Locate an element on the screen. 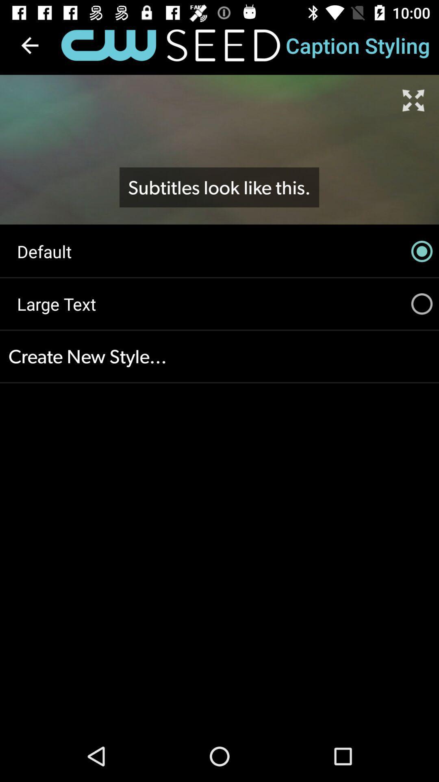 Image resolution: width=439 pixels, height=782 pixels. the icon above the create new style... is located at coordinates (219, 303).